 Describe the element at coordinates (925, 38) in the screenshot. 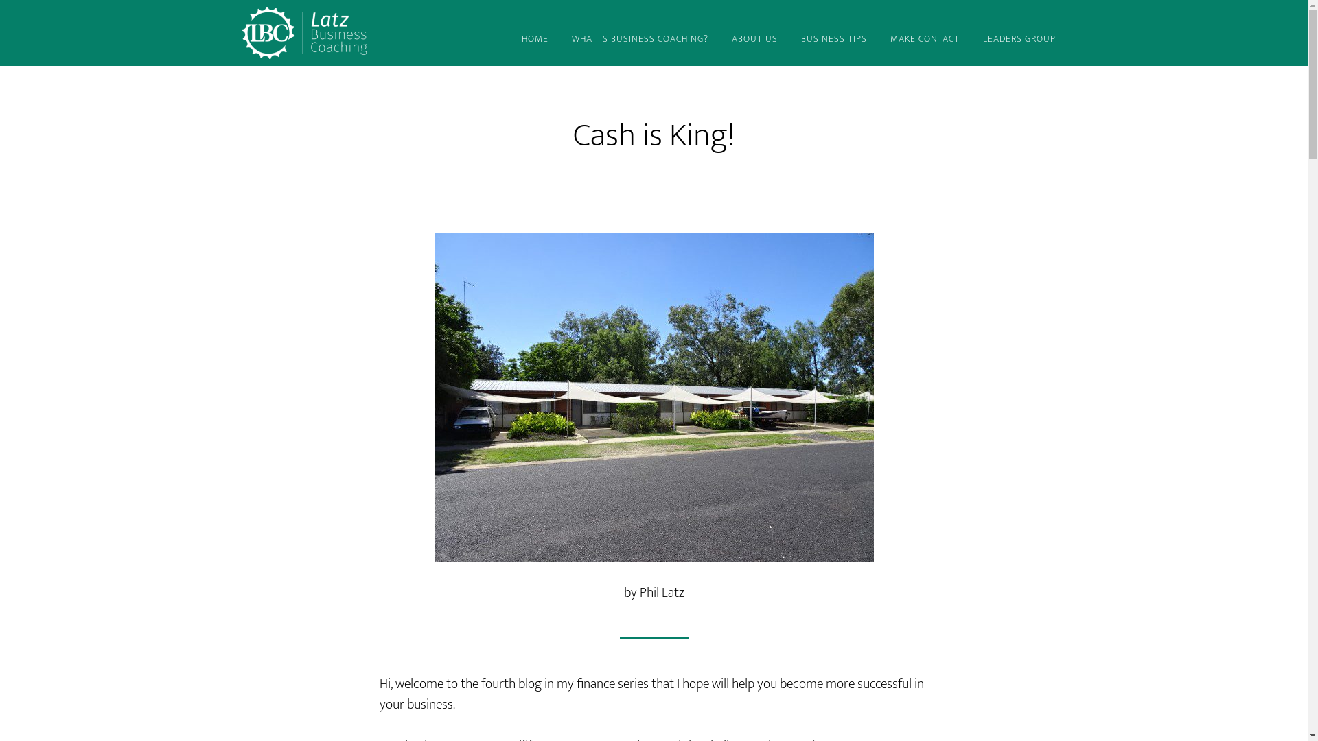

I see `'MAKE CONTACT'` at that location.